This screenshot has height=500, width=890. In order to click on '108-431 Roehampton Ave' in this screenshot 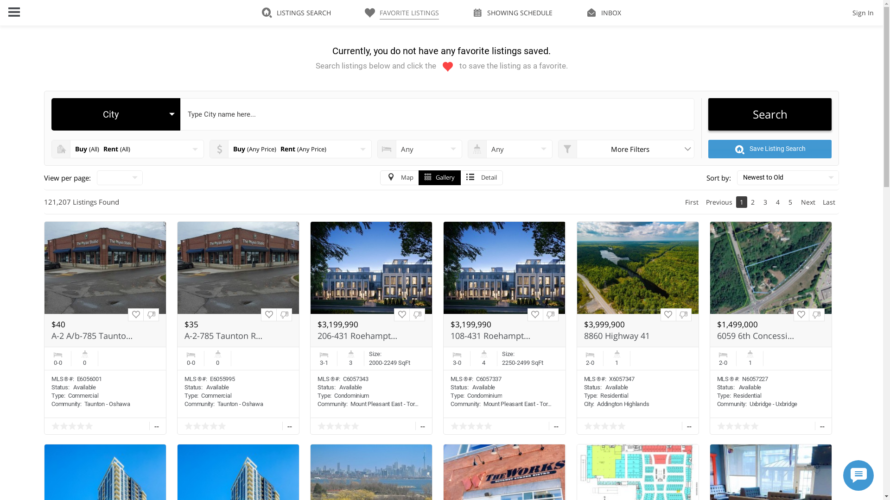, I will do `click(491, 336)`.